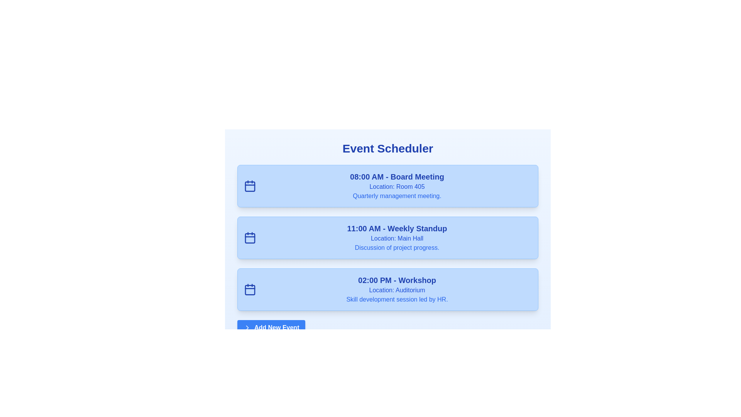 This screenshot has width=741, height=417. Describe the element at coordinates (397, 290) in the screenshot. I see `the static text indicating the location of the scheduled event 'Auditorium', which is positioned below the title '02:00 PM - Workshop'` at that location.